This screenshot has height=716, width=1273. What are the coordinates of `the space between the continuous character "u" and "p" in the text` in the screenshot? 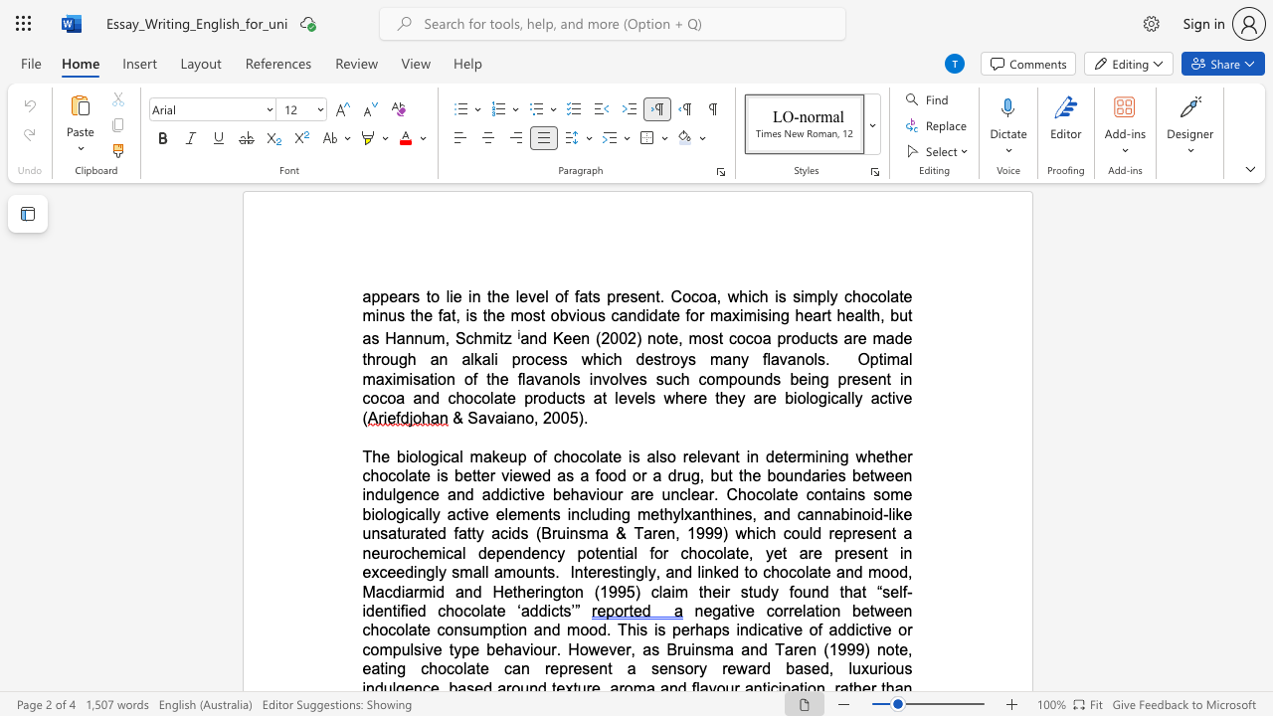 It's located at (517, 456).